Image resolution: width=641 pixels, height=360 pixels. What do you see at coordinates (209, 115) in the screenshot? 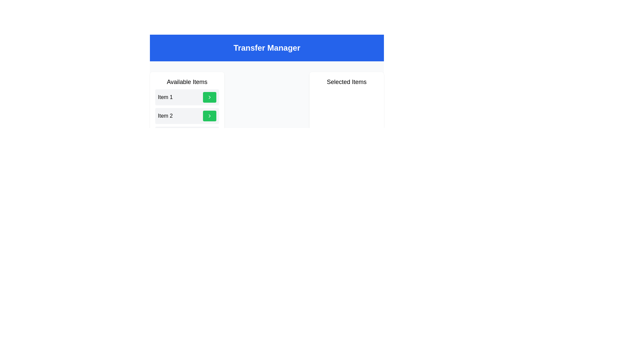
I see `the interactive button located in the 'Available Items' section, associated with 'Item 2', to potentially reveal additional information or styling changes` at bounding box center [209, 115].